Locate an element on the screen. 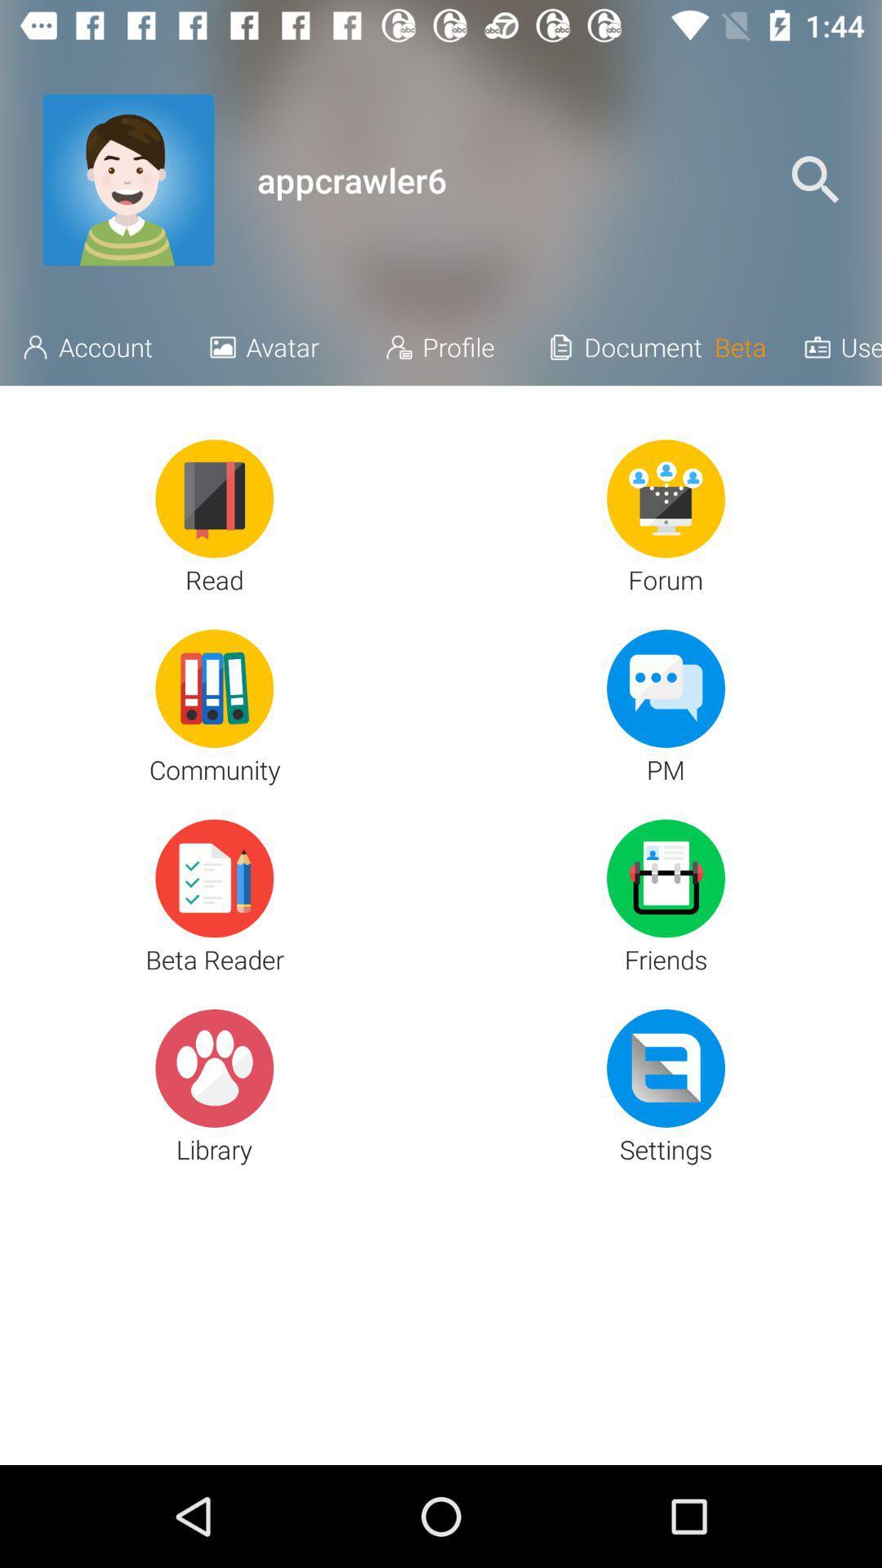 Image resolution: width=882 pixels, height=1568 pixels. the icon above the username icon is located at coordinates (815, 180).